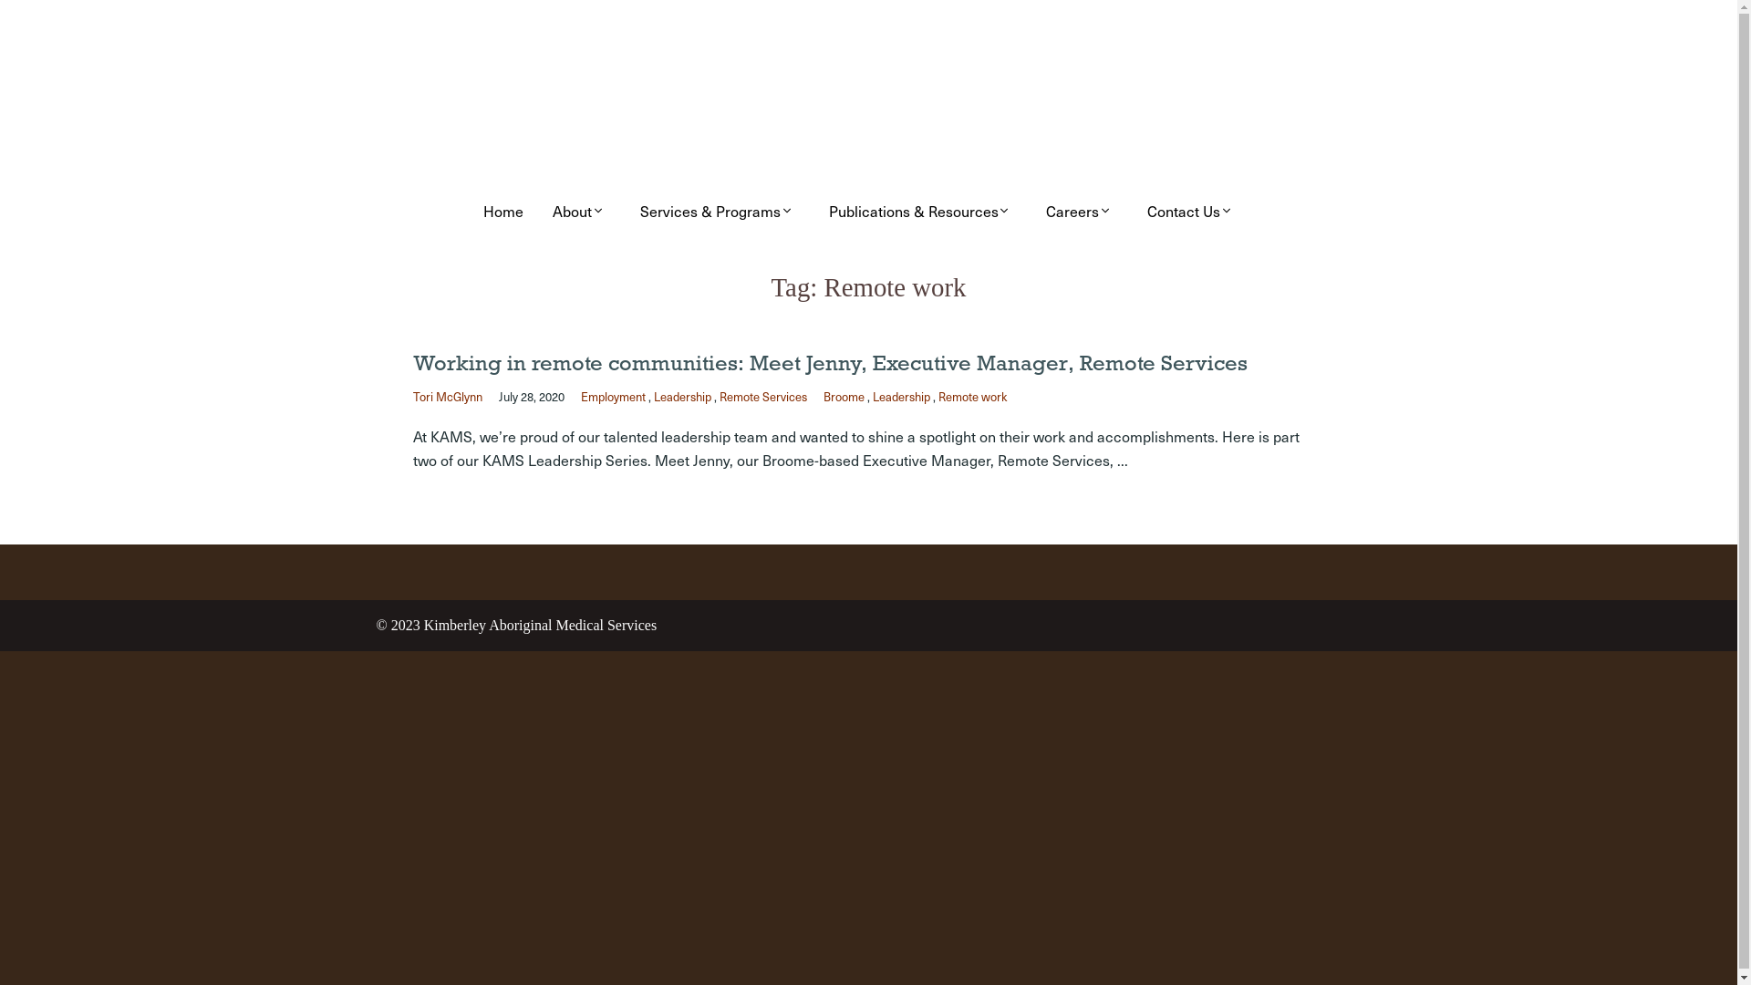  Describe the element at coordinates (820, 210) in the screenshot. I see `'Publications & Resources'` at that location.